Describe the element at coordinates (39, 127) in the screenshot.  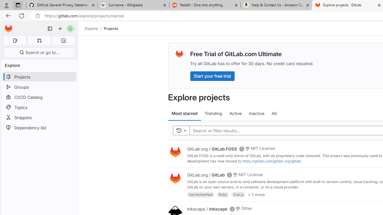
I see `'Dependency list'` at that location.